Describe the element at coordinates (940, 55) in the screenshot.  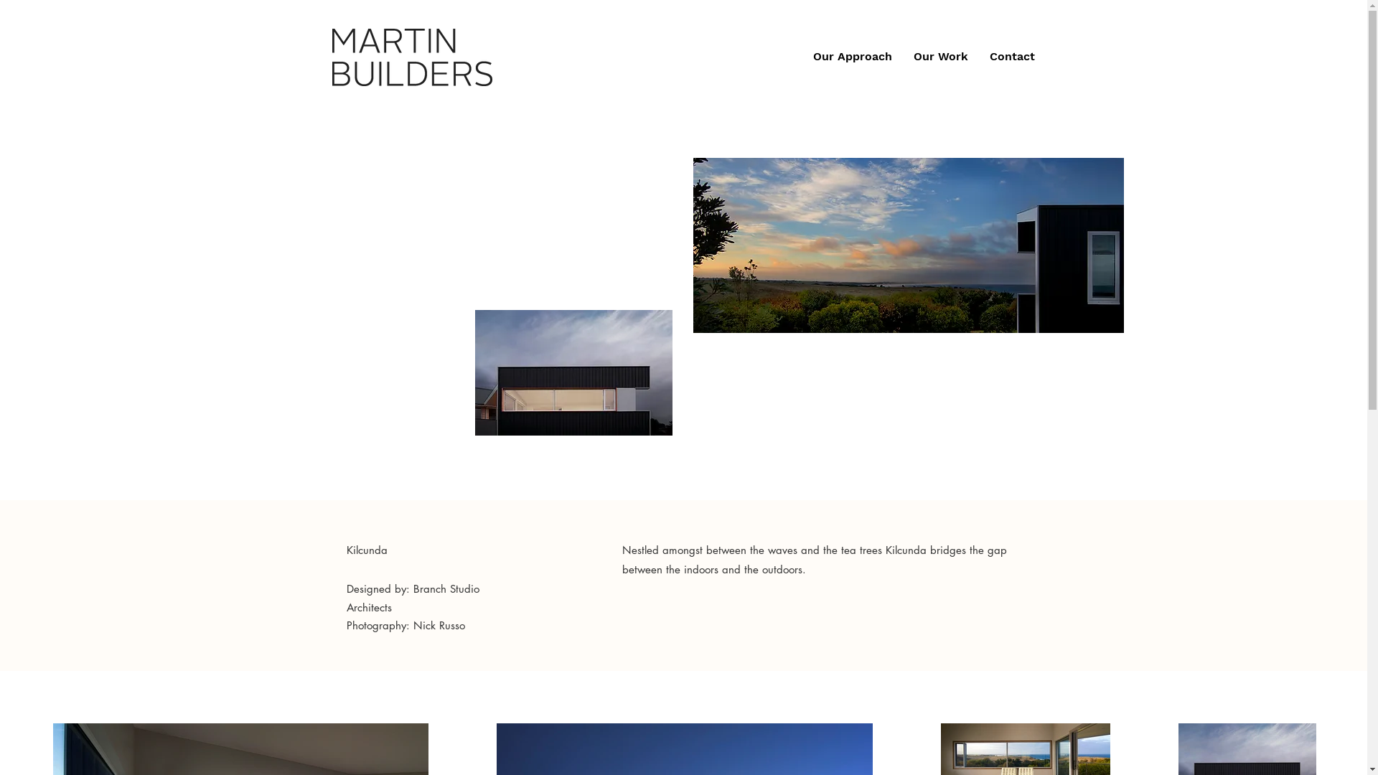
I see `'Our Work'` at that location.